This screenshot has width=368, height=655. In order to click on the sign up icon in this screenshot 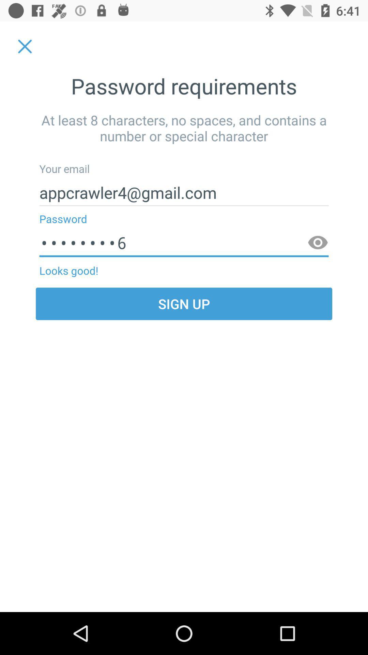, I will do `click(184, 303)`.